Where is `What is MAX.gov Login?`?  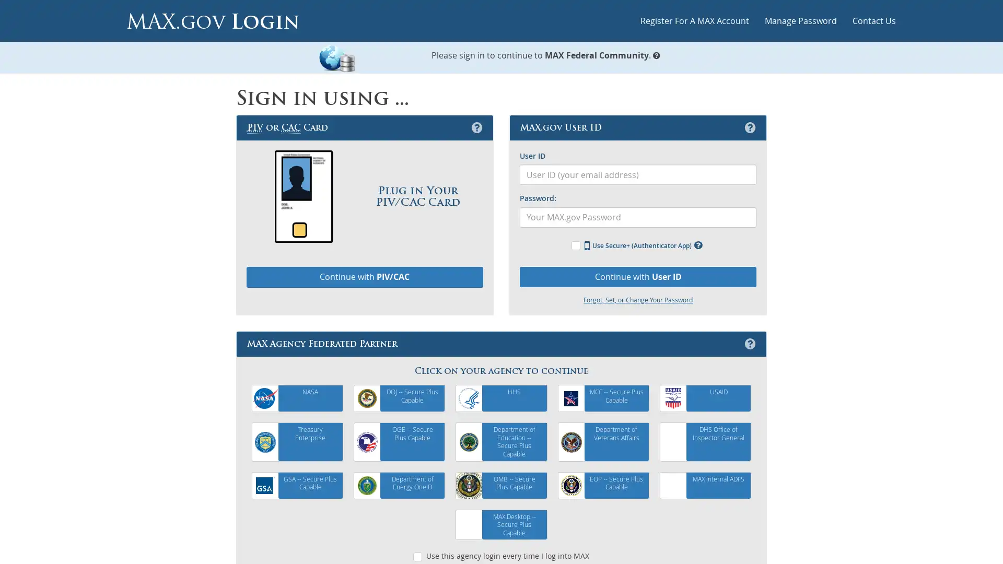 What is MAX.gov Login? is located at coordinates (656, 54).